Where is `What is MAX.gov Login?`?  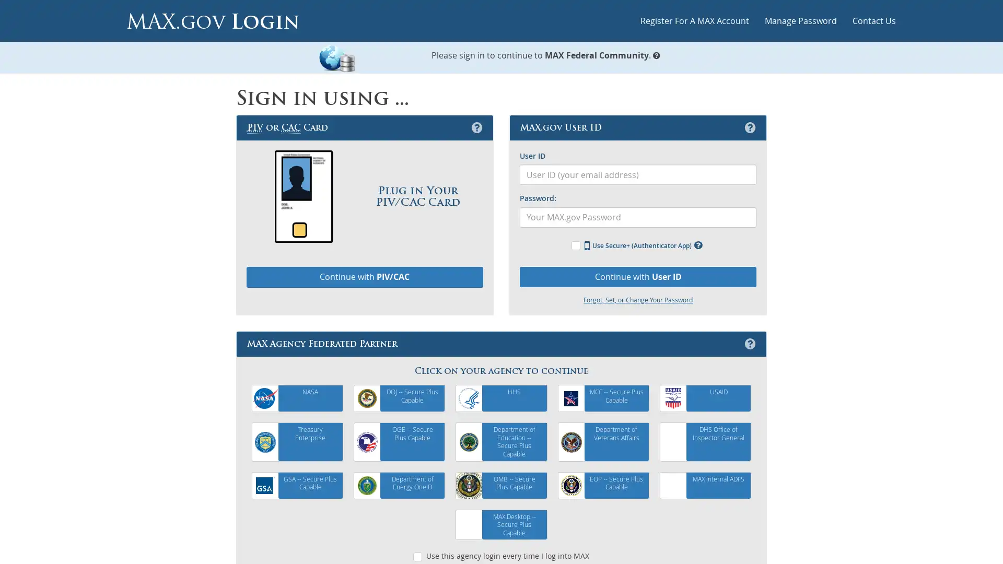 What is MAX.gov Login? is located at coordinates (656, 54).